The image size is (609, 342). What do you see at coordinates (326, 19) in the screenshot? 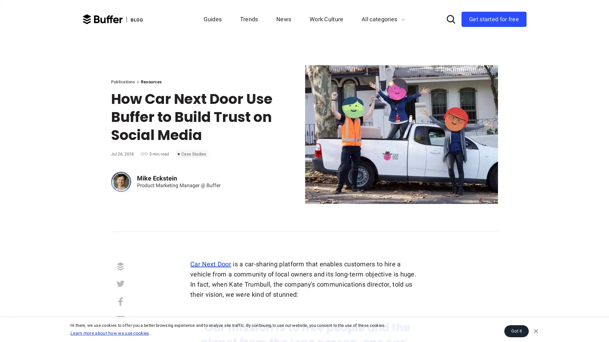
I see `Work Culture` at bounding box center [326, 19].